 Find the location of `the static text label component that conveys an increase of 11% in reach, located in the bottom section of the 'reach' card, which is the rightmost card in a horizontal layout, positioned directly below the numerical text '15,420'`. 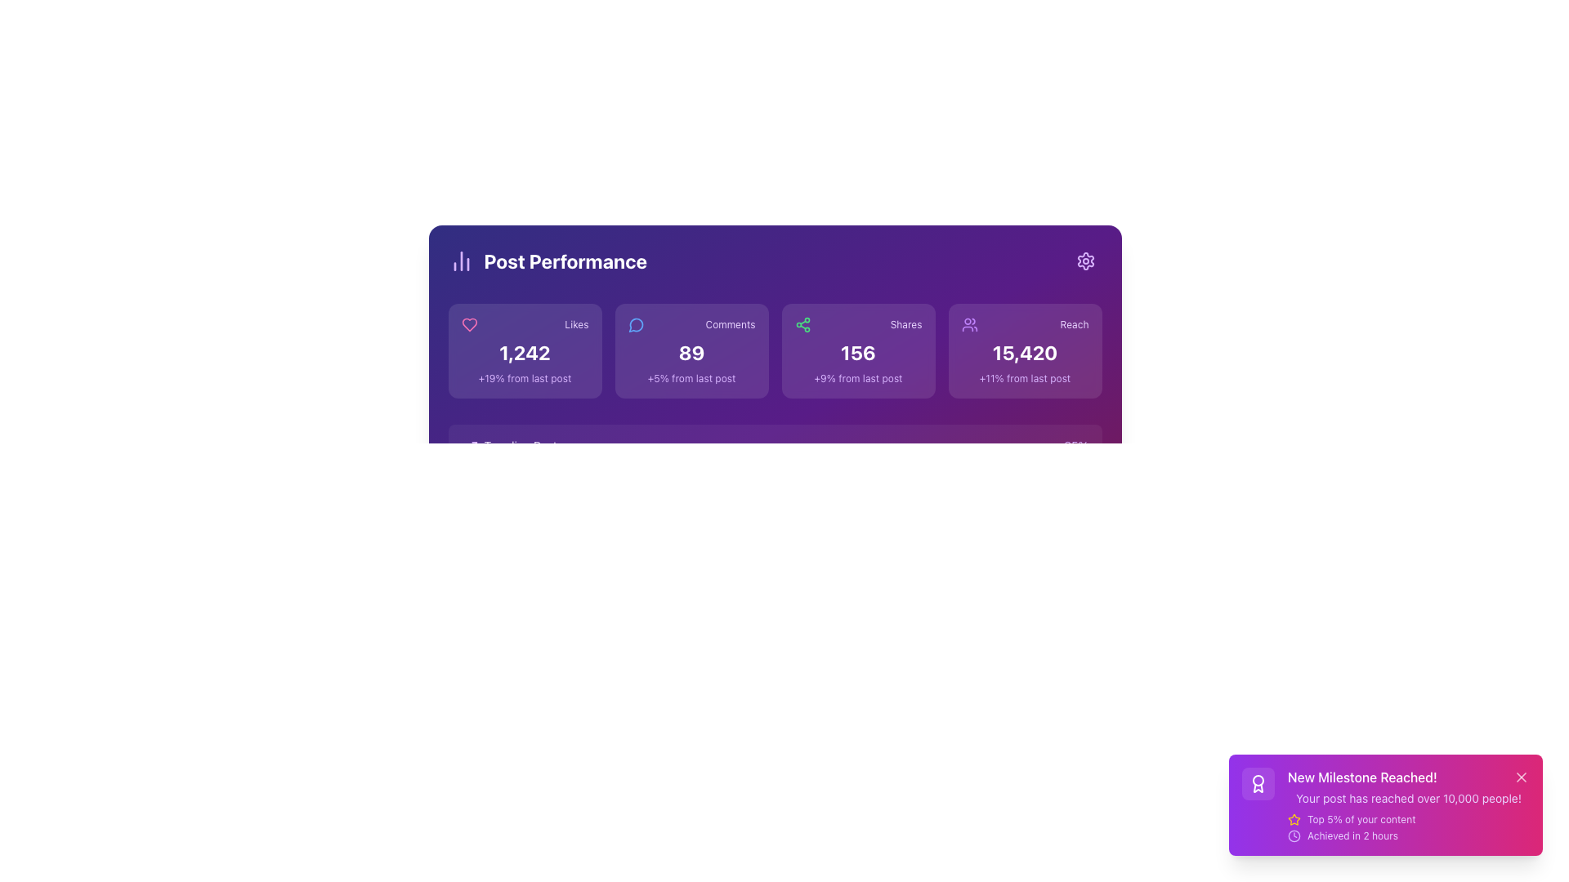

the static text label component that conveys an increase of 11% in reach, located in the bottom section of the 'reach' card, which is the rightmost card in a horizontal layout, positioned directly below the numerical text '15,420' is located at coordinates (1024, 378).